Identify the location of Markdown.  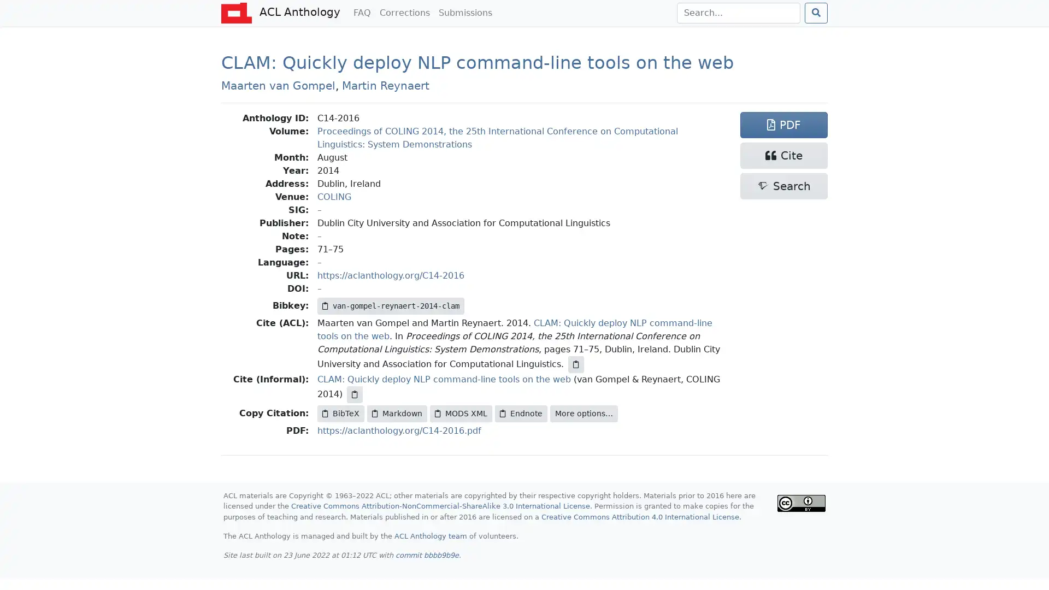
(396, 414).